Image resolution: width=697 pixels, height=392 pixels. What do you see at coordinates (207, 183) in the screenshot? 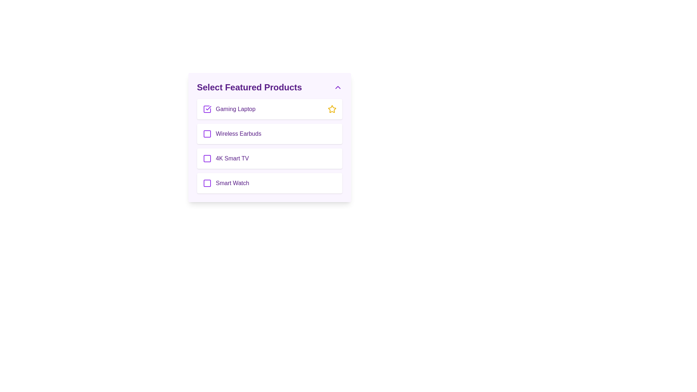
I see `the Checkbox indicator for the 'Smart Watch' option, which is the fourth item under the 'Select Featured Products' heading` at bounding box center [207, 183].